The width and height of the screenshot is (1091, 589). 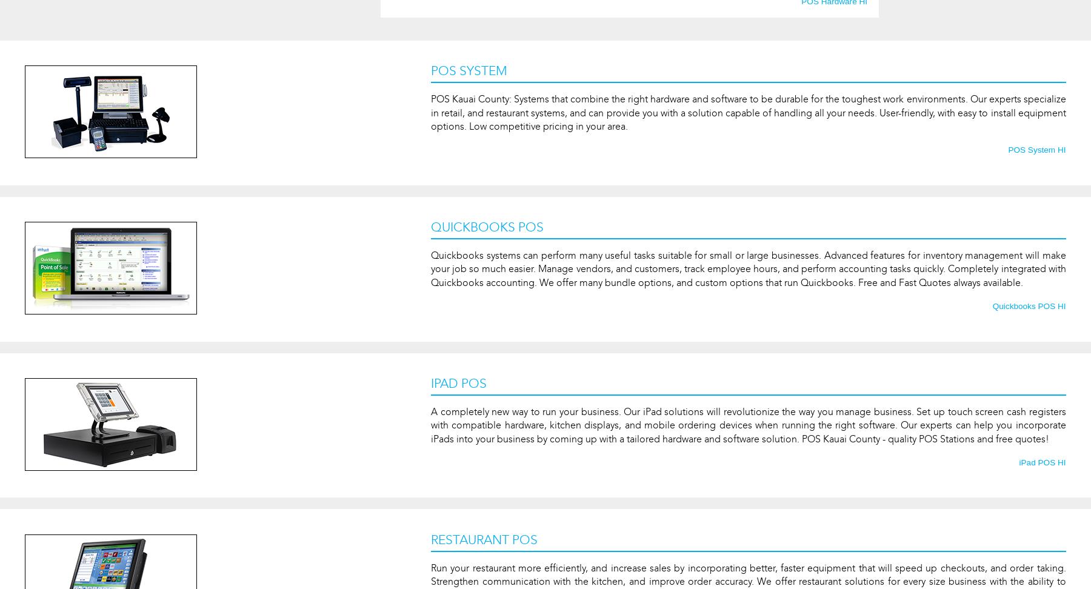 I want to click on 'POS System HI', so click(x=1036, y=150).